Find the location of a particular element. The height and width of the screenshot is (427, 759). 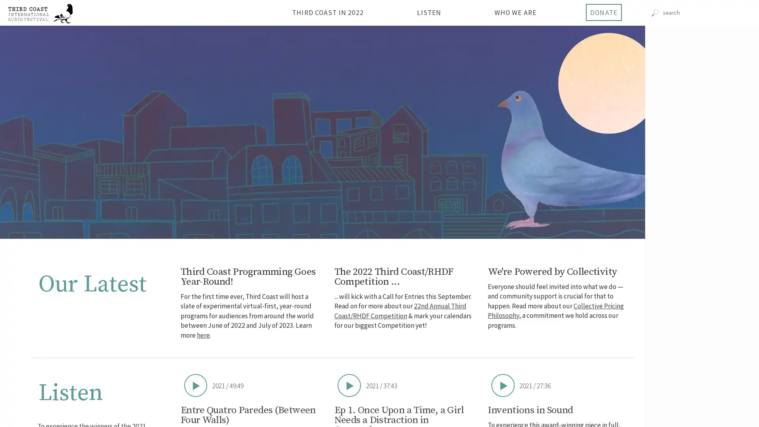

Play Now is located at coordinates (195, 385).